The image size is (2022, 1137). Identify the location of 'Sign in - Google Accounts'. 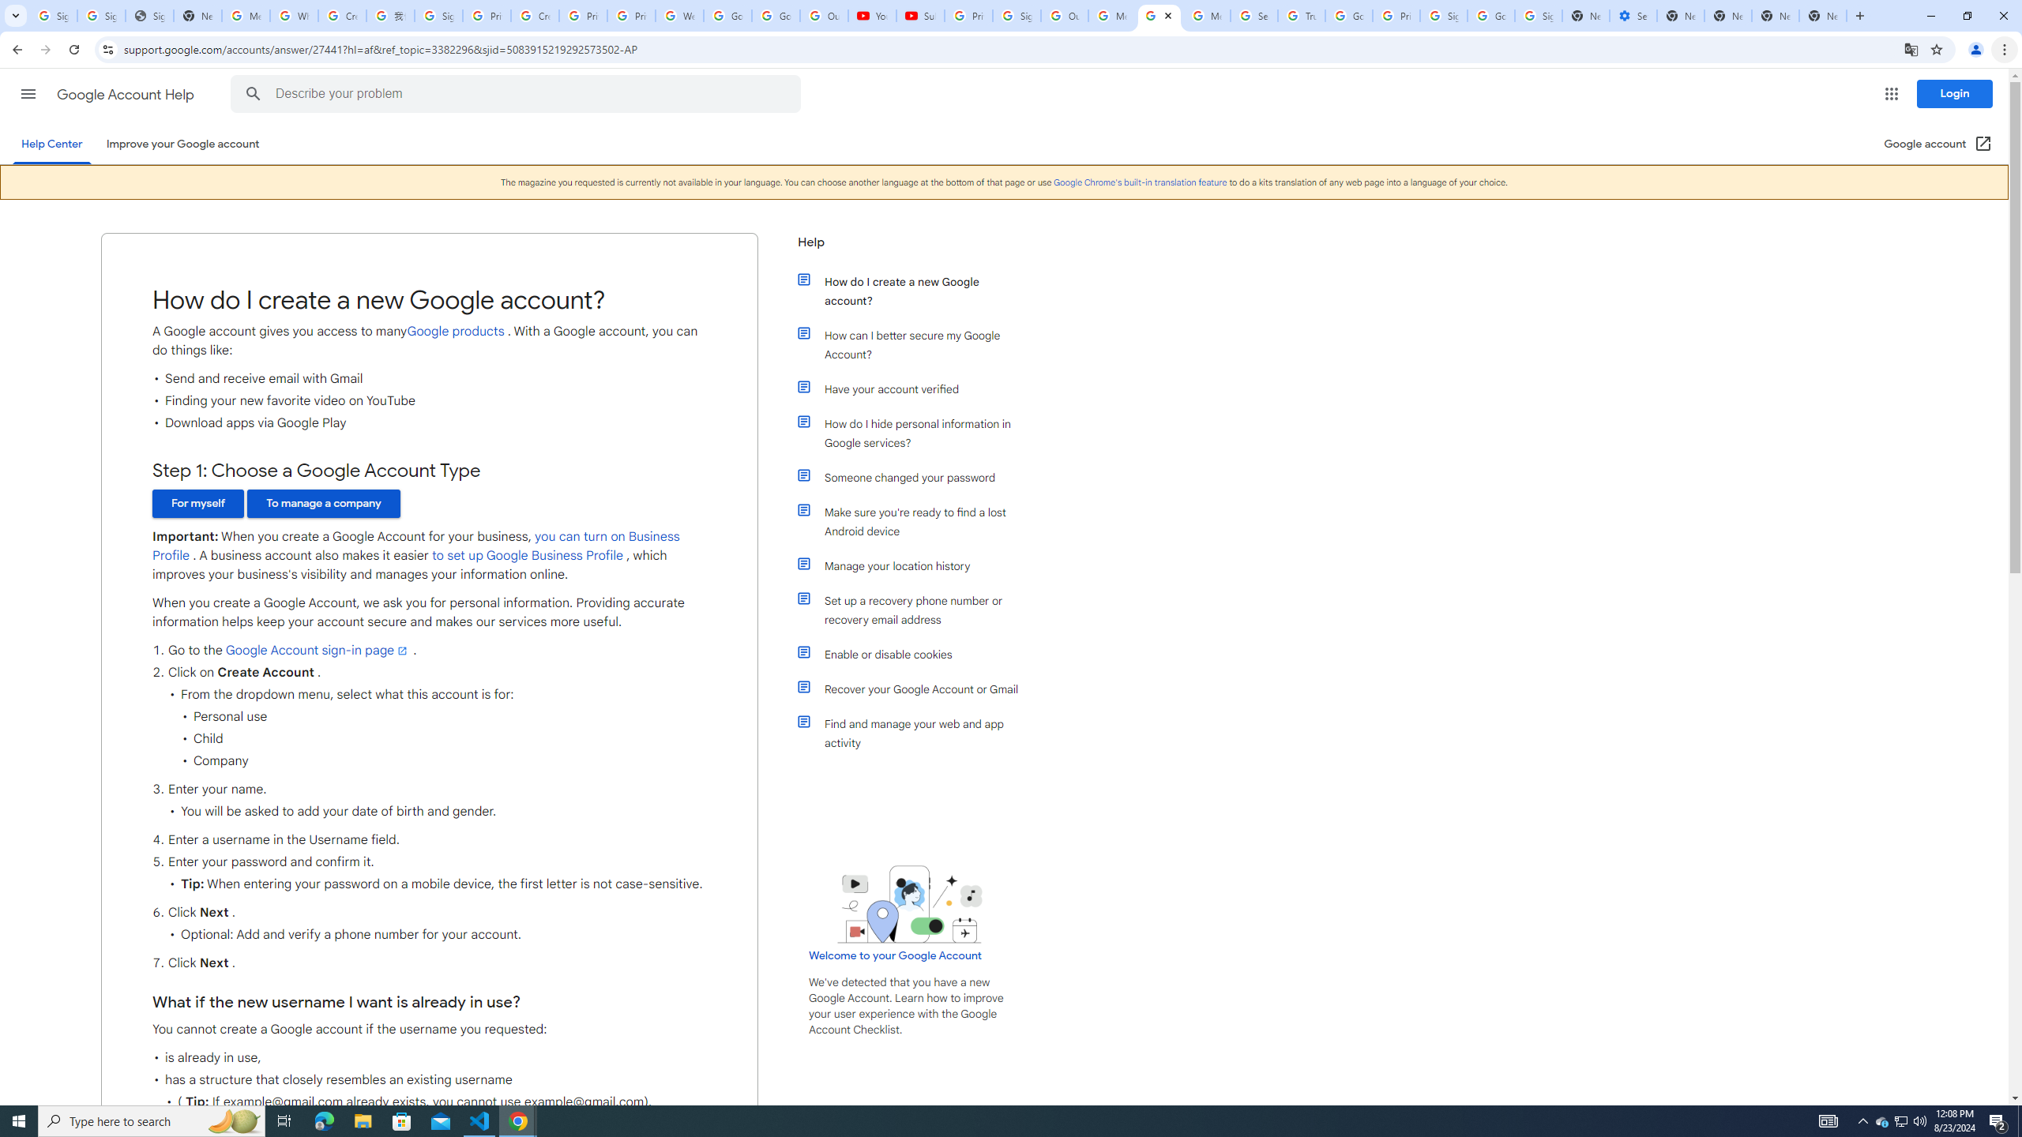
(102, 15).